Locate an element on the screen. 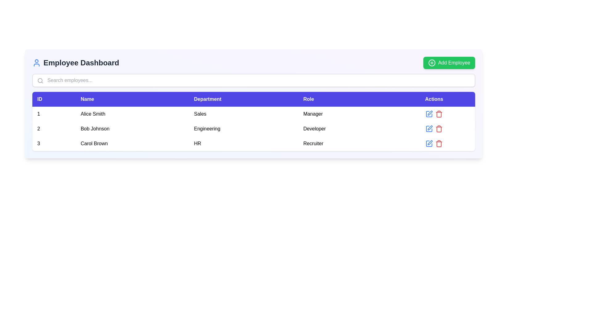  the decorative circle within the 'Add Employee' button located at the top-right corner of the interface is located at coordinates (432, 63).